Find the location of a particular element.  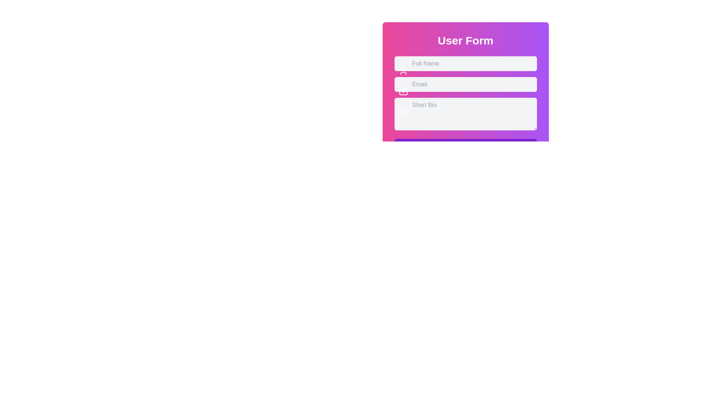

the user SVG icon located next to the 'Full Name' input field, which is the first element in the vertical sequence of input fields on the form is located at coordinates (403, 71).